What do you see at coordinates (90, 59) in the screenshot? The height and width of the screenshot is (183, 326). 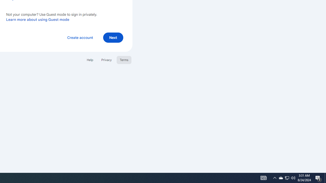 I see `'Help'` at bounding box center [90, 59].